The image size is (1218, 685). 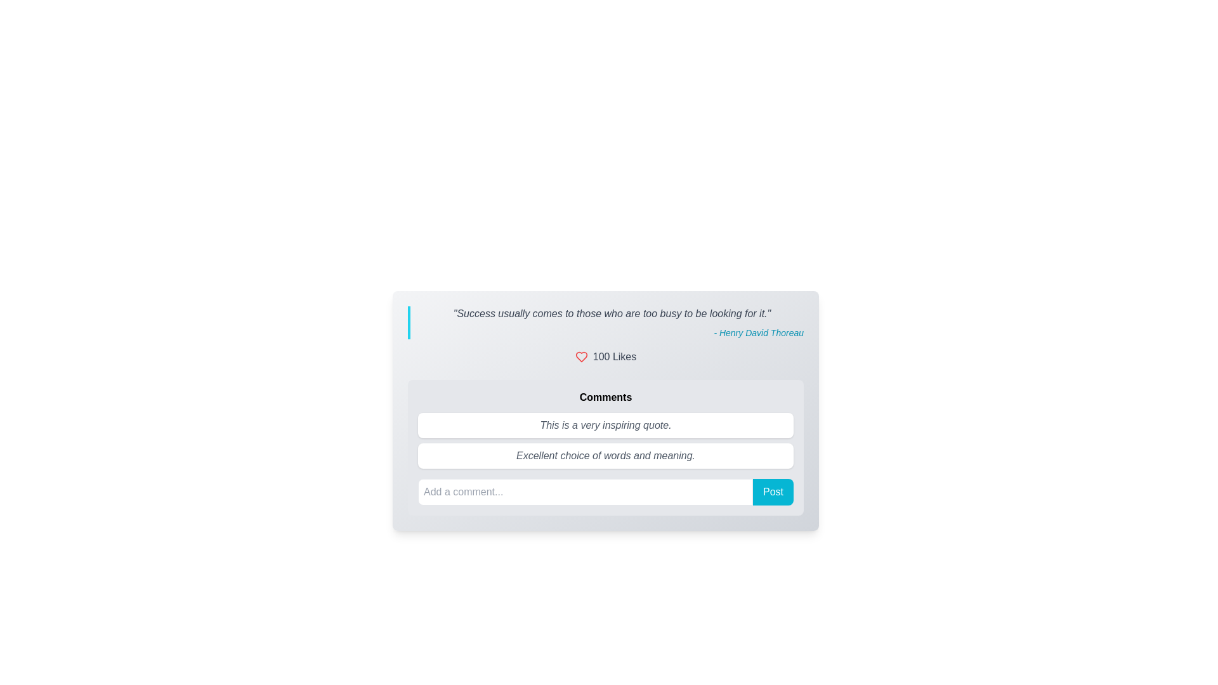 I want to click on the display text field in the comments section that showcases a user's comment or quoted text, positioned centrally and visually highlighted, so click(x=605, y=426).